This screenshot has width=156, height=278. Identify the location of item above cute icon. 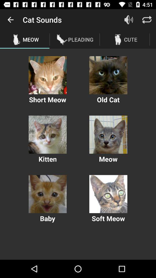
(129, 20).